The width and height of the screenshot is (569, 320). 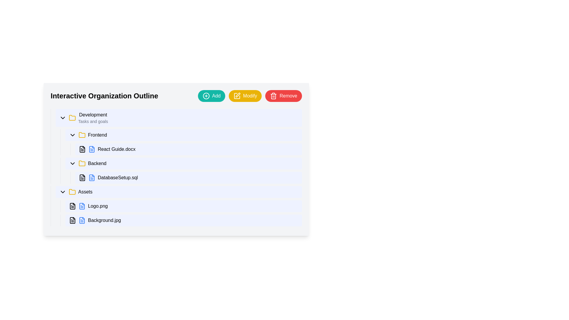 I want to click on the 'Assets' text label, which is part of a folder representation located in the third-level indentation under the 'Development' section, adjacent to a yellow folder icon, so click(x=85, y=192).